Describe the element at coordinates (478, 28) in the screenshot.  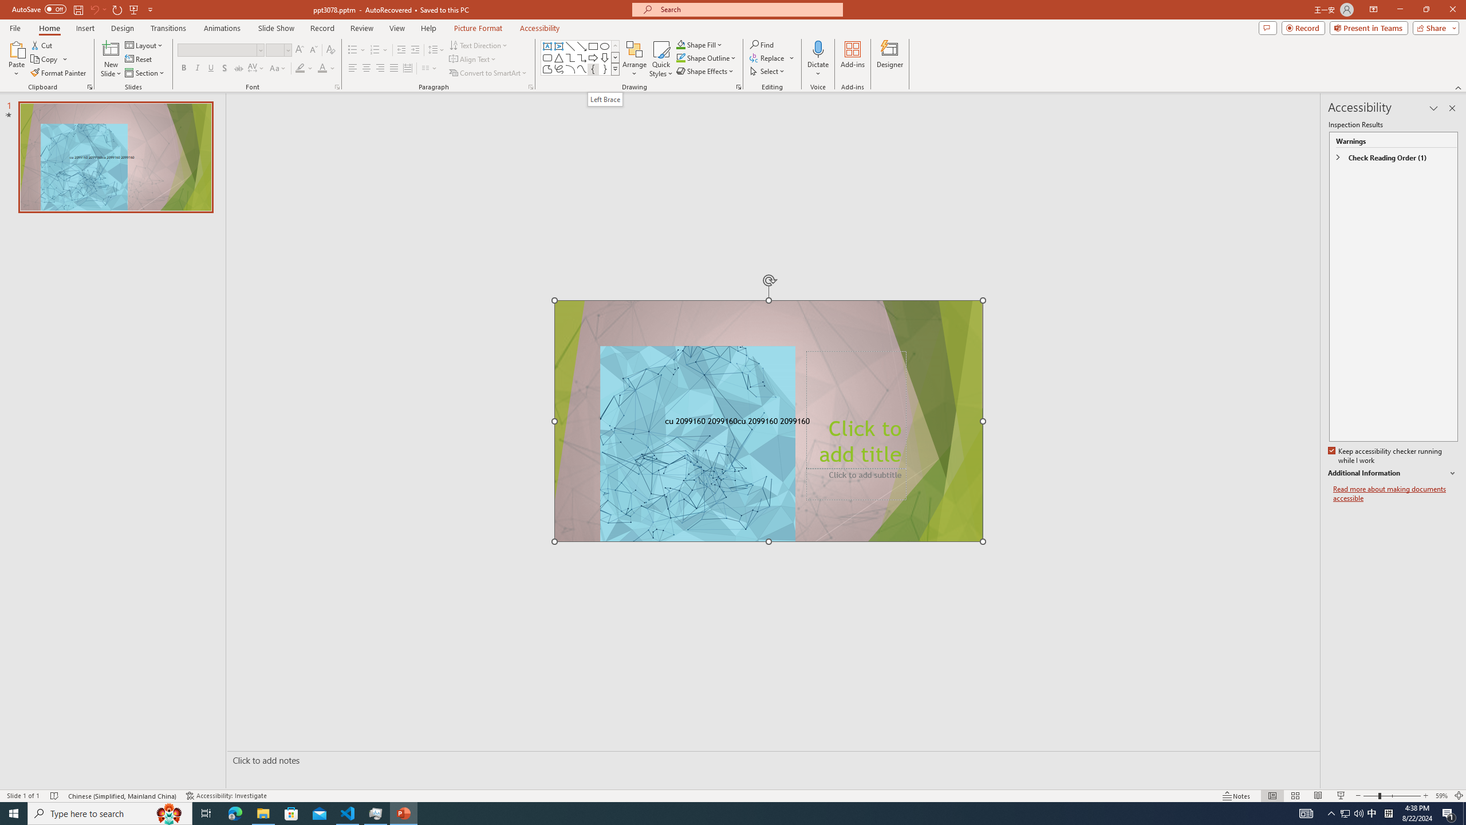
I see `'Picture Format'` at that location.